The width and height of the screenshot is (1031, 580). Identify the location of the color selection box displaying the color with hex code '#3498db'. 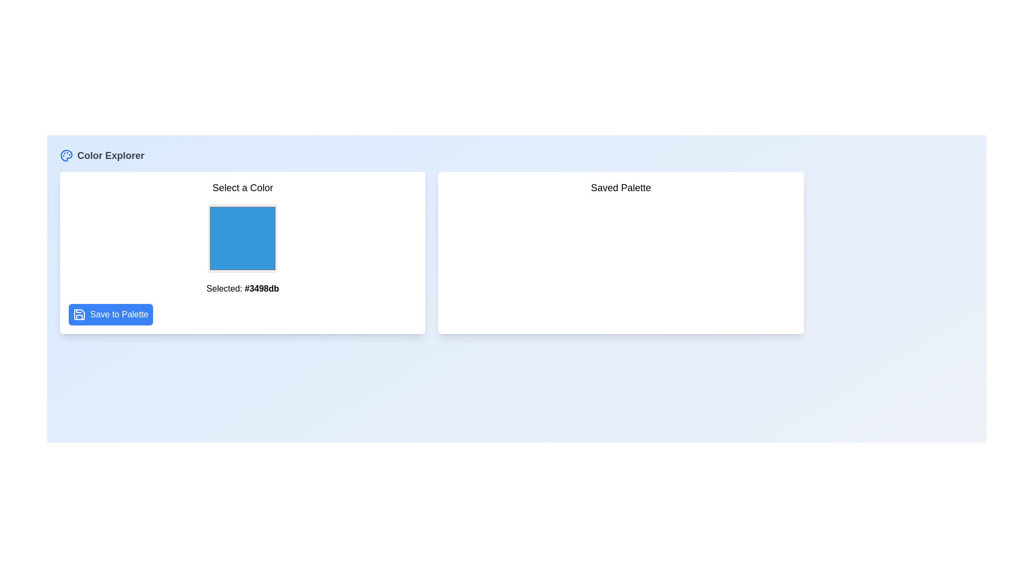
(242, 237).